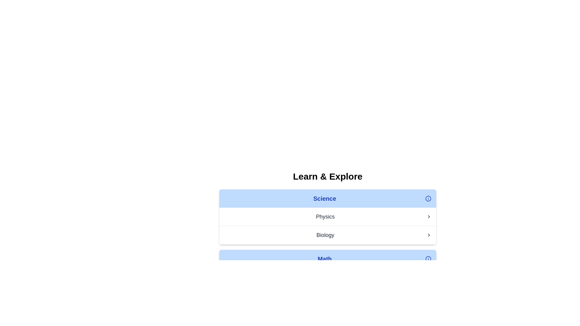 Image resolution: width=580 pixels, height=326 pixels. I want to click on the small blue information icon with an 'i' symbol located to the far right within the 'Math' section, so click(428, 258).